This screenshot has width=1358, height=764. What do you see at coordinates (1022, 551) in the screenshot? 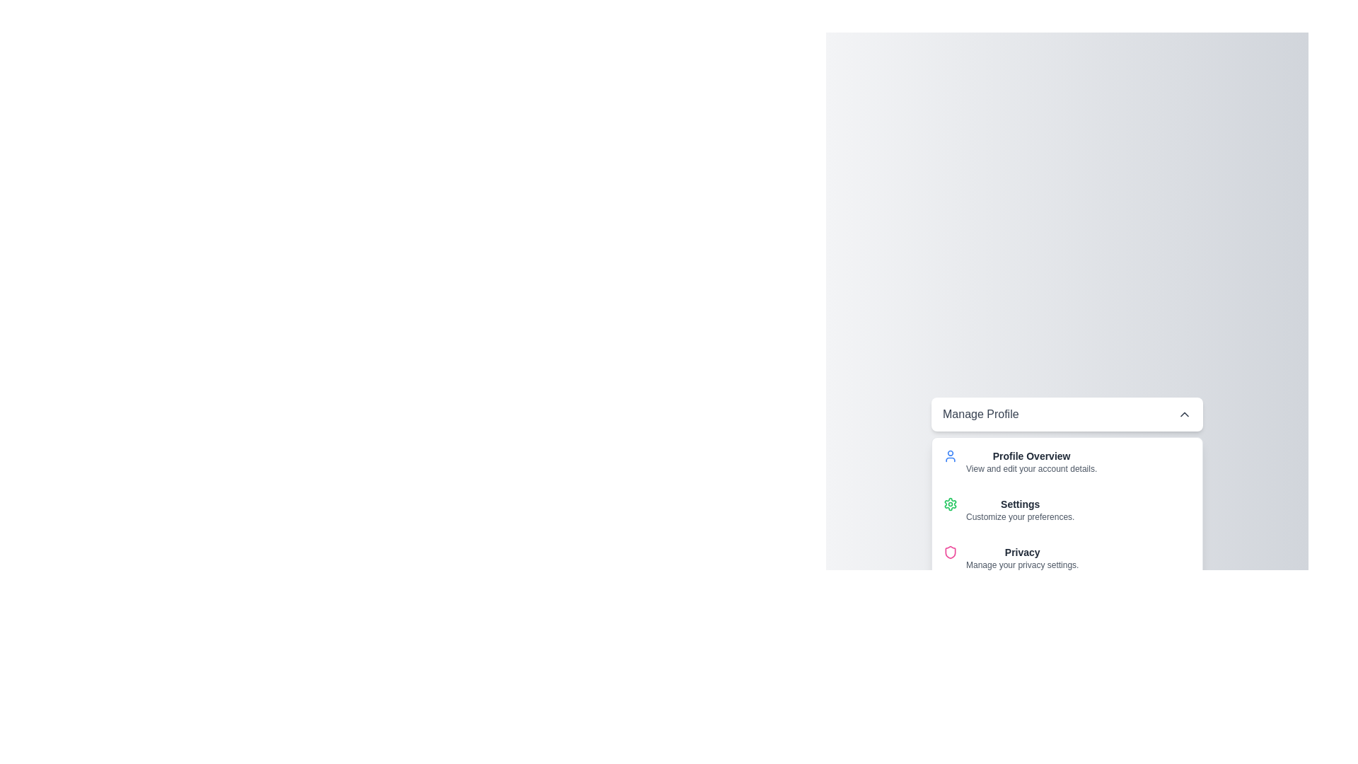
I see `the 'Privacy' text label, which is styled with a bold font in dark gray and located below the 'Settings' option in the menu list` at bounding box center [1022, 551].